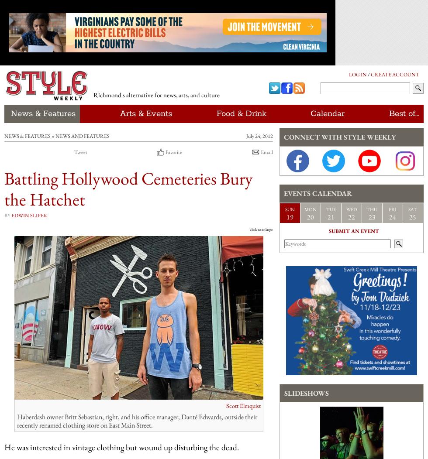  What do you see at coordinates (261, 229) in the screenshot?
I see `'click to enlarge'` at bounding box center [261, 229].